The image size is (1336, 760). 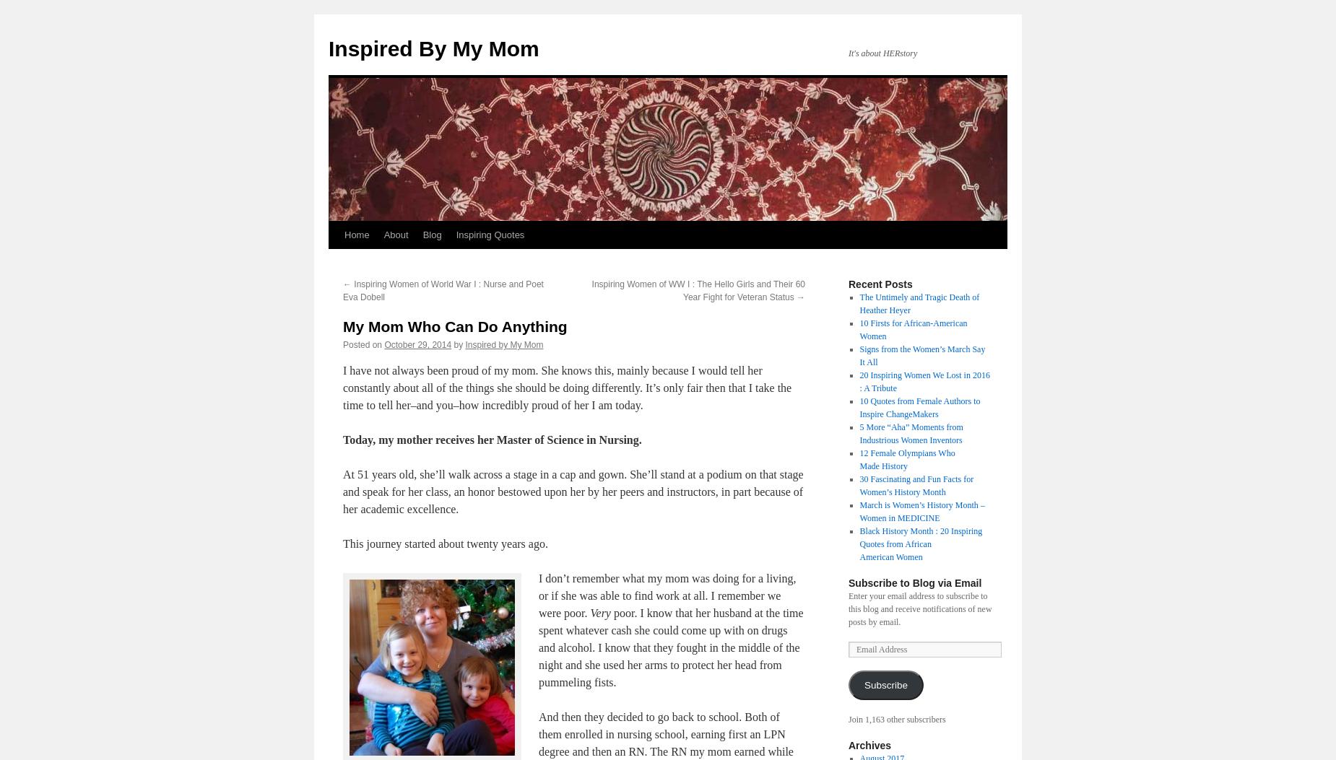 What do you see at coordinates (363, 344) in the screenshot?
I see `'Posted on'` at bounding box center [363, 344].